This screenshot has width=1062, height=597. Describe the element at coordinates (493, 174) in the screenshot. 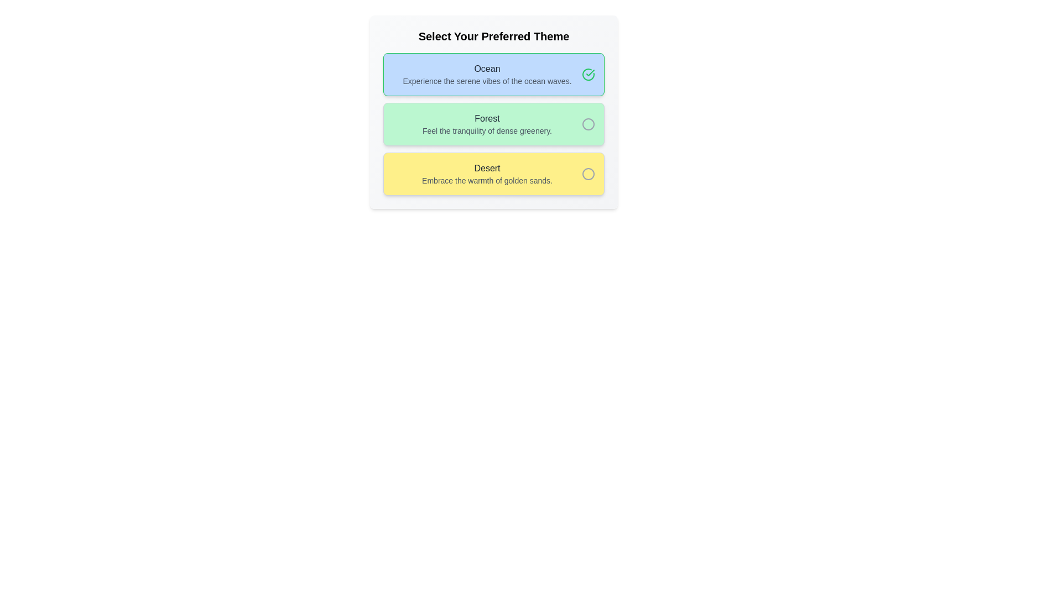

I see `the selectable list item for the theme 'Desert'` at that location.